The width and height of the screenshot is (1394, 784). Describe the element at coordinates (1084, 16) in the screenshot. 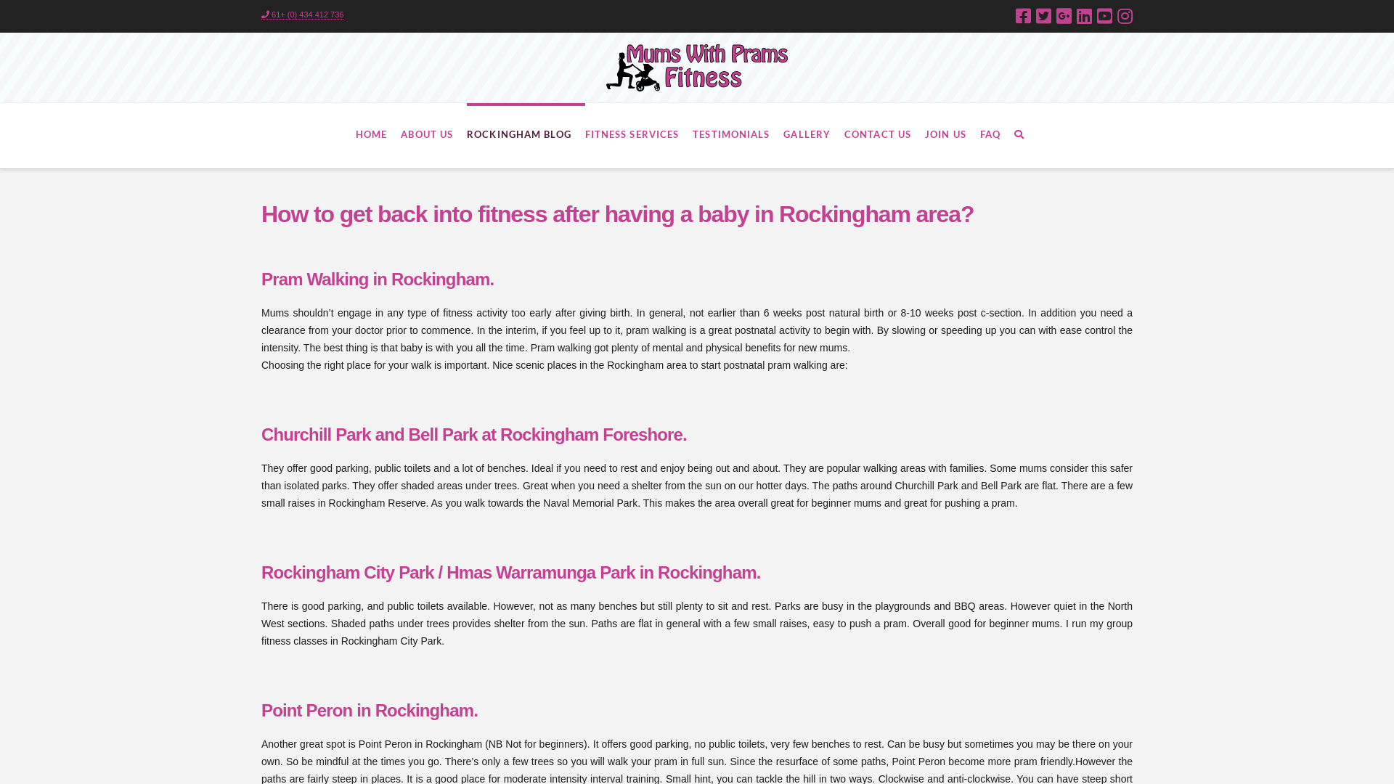

I see `'LinkedIn'` at that location.